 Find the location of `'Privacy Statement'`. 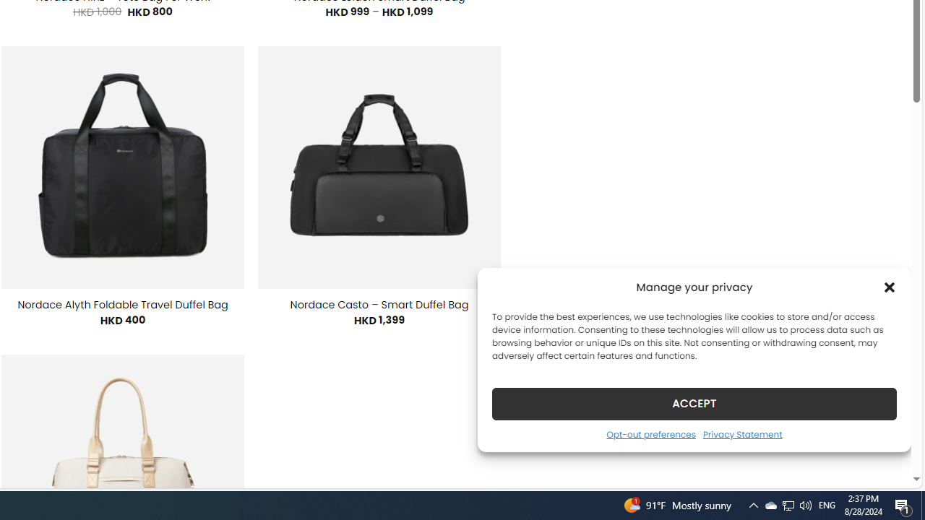

'Privacy Statement' is located at coordinates (742, 433).